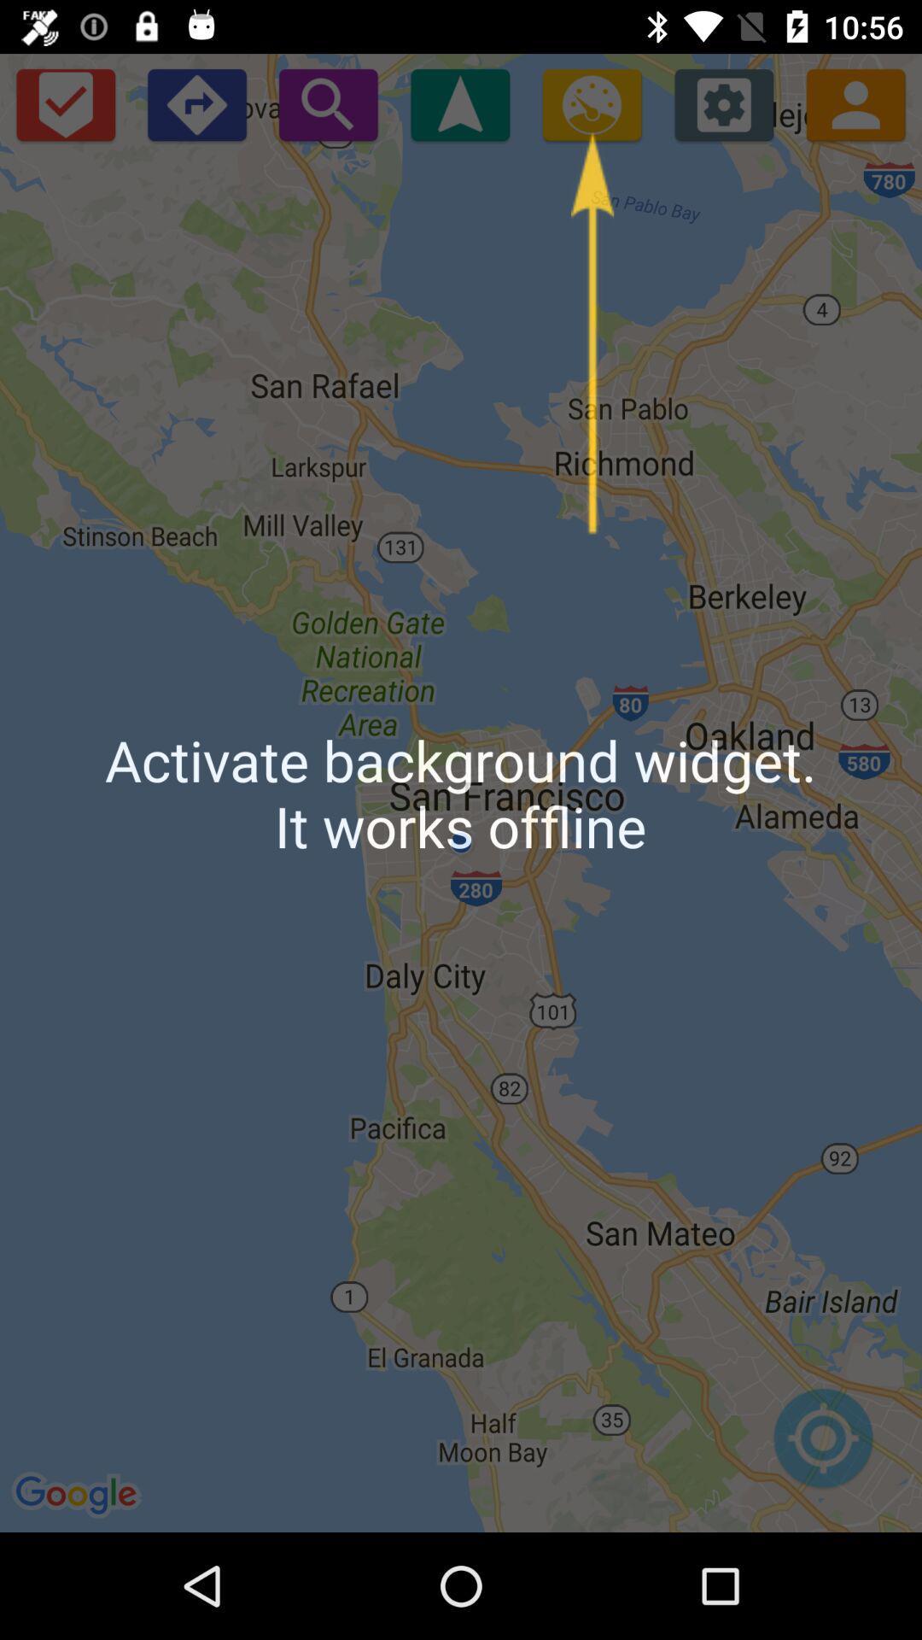 This screenshot has height=1640, width=922. Describe the element at coordinates (64, 103) in the screenshot. I see `the check icon` at that location.